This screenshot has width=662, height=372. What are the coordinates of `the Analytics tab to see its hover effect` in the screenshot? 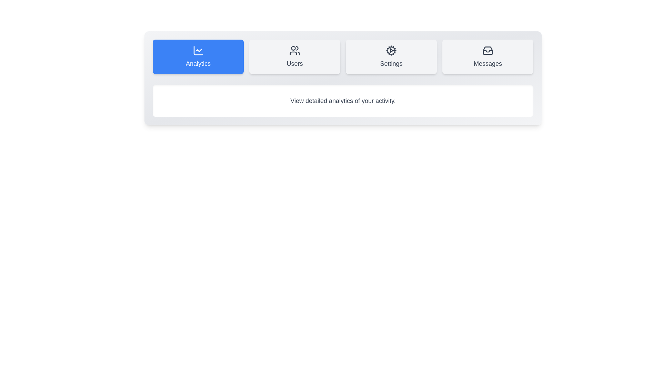 It's located at (198, 56).